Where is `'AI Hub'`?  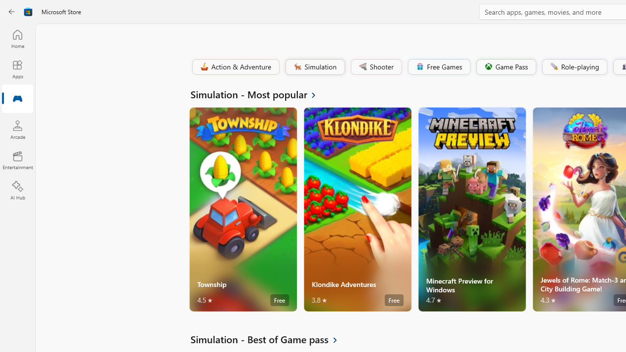 'AI Hub' is located at coordinates (17, 191).